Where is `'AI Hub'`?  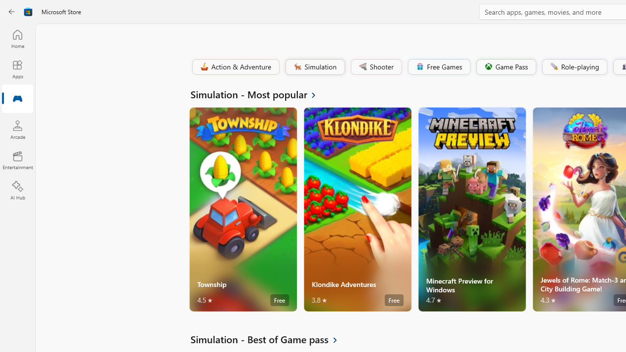 'AI Hub' is located at coordinates (17, 191).